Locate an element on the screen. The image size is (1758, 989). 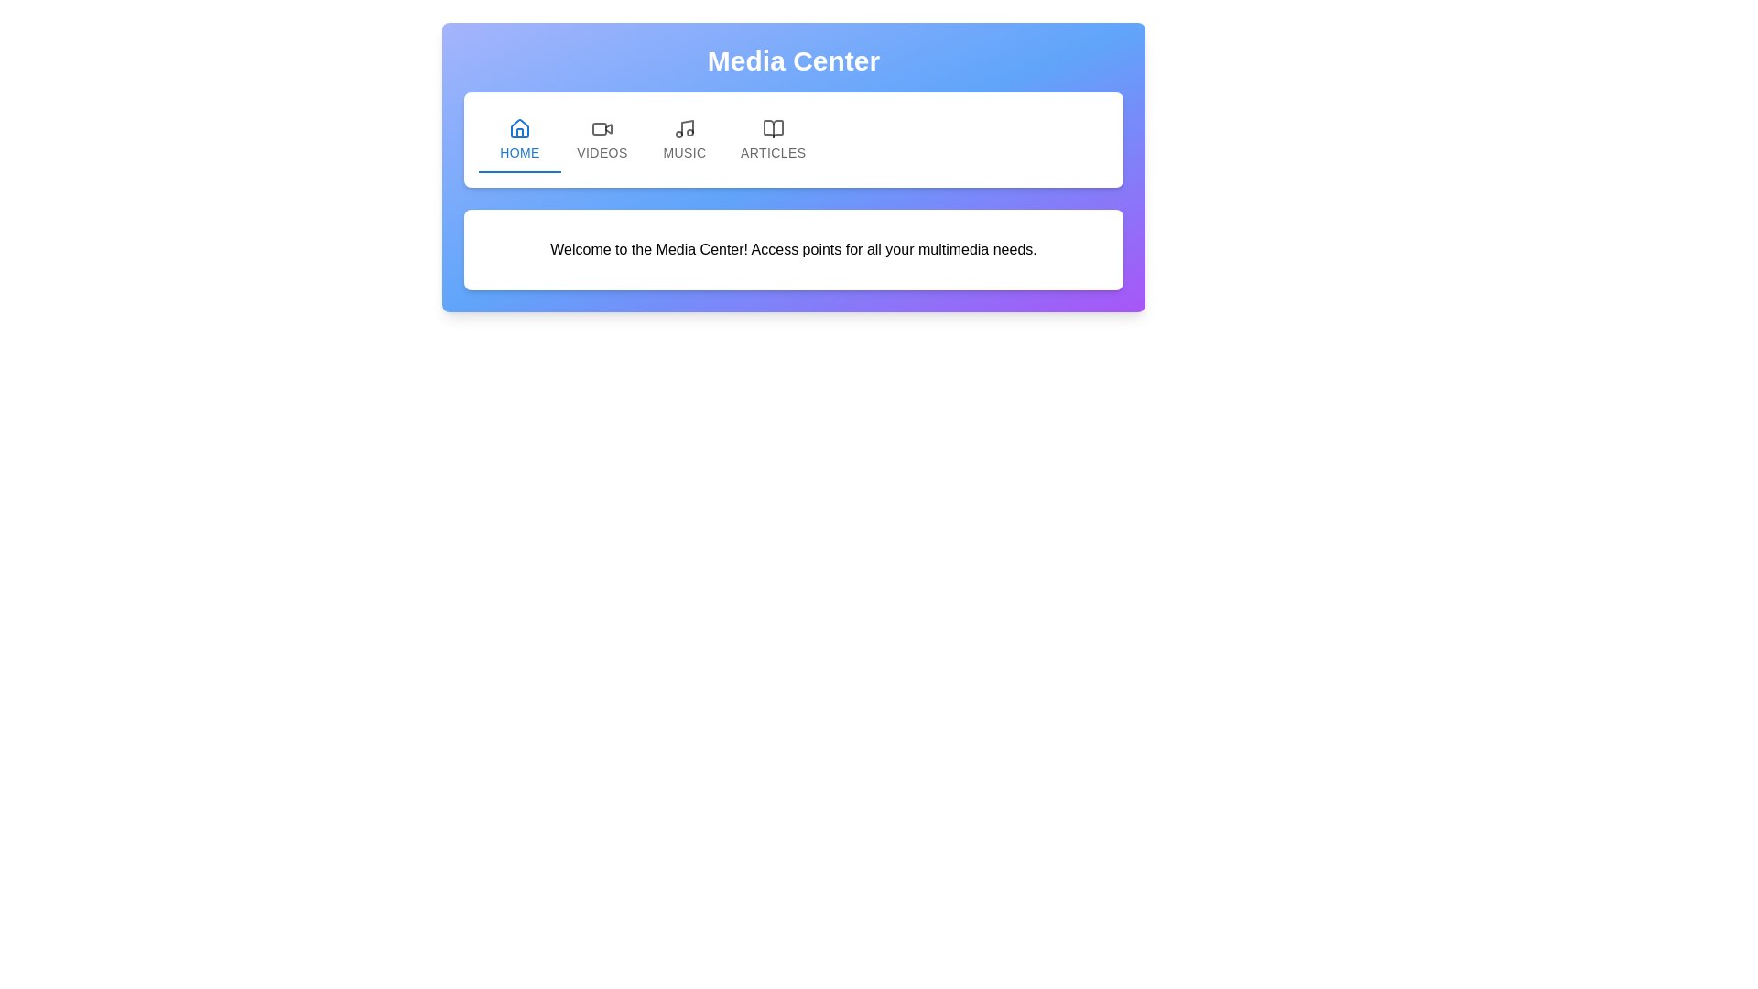
the 'Videos' icon in the navigation bar is located at coordinates (602, 128).